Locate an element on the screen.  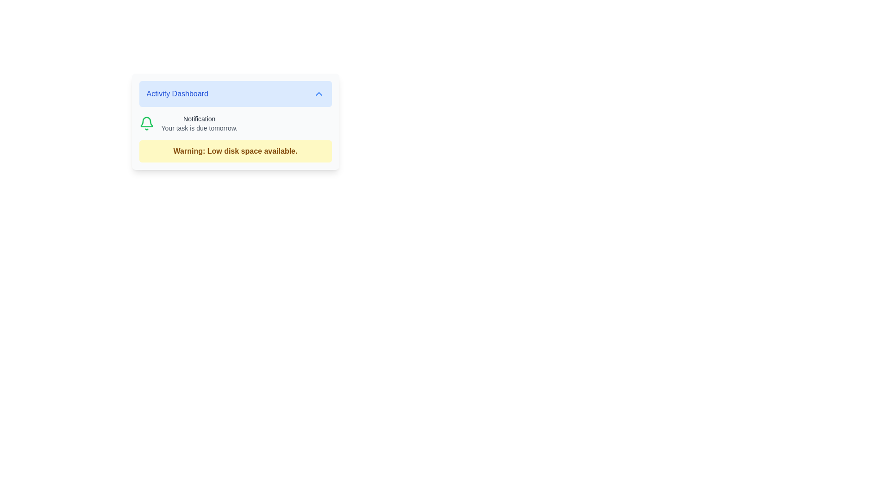
the text display element that shows the heading 'Notification' and the message 'Your task is due tomorrow.' is located at coordinates (199, 123).